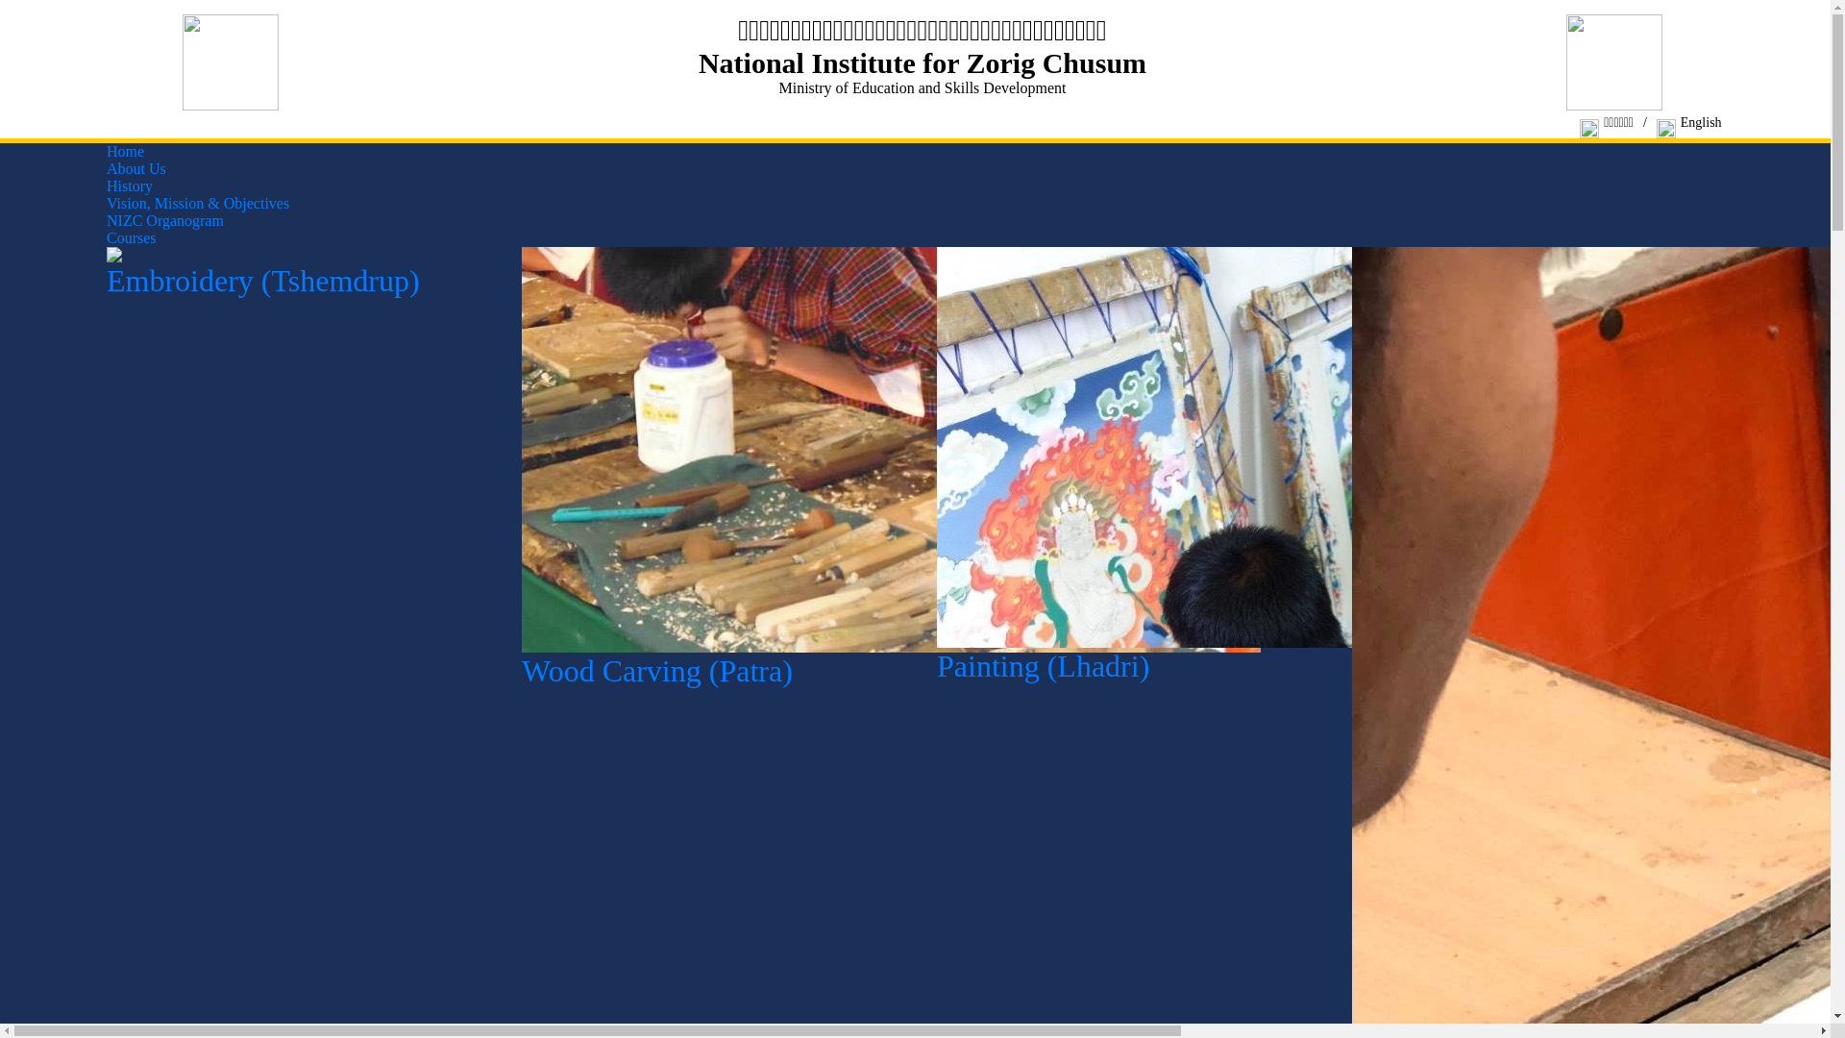 This screenshot has width=1845, height=1038. What do you see at coordinates (131, 236) in the screenshot?
I see `'Courses'` at bounding box center [131, 236].